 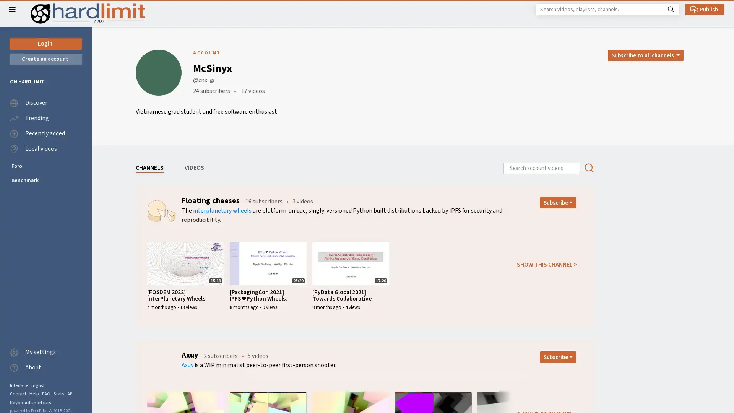 What do you see at coordinates (670, 8) in the screenshot?
I see `Search` at bounding box center [670, 8].